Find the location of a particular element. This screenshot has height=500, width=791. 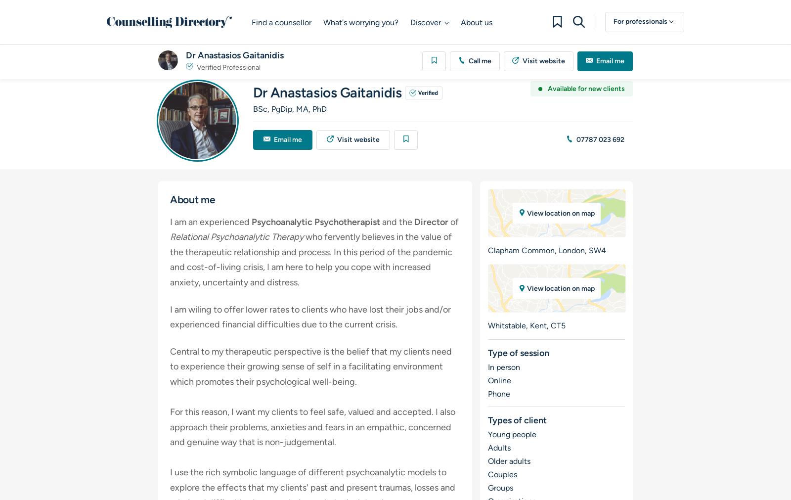

'In person' is located at coordinates (503, 366).